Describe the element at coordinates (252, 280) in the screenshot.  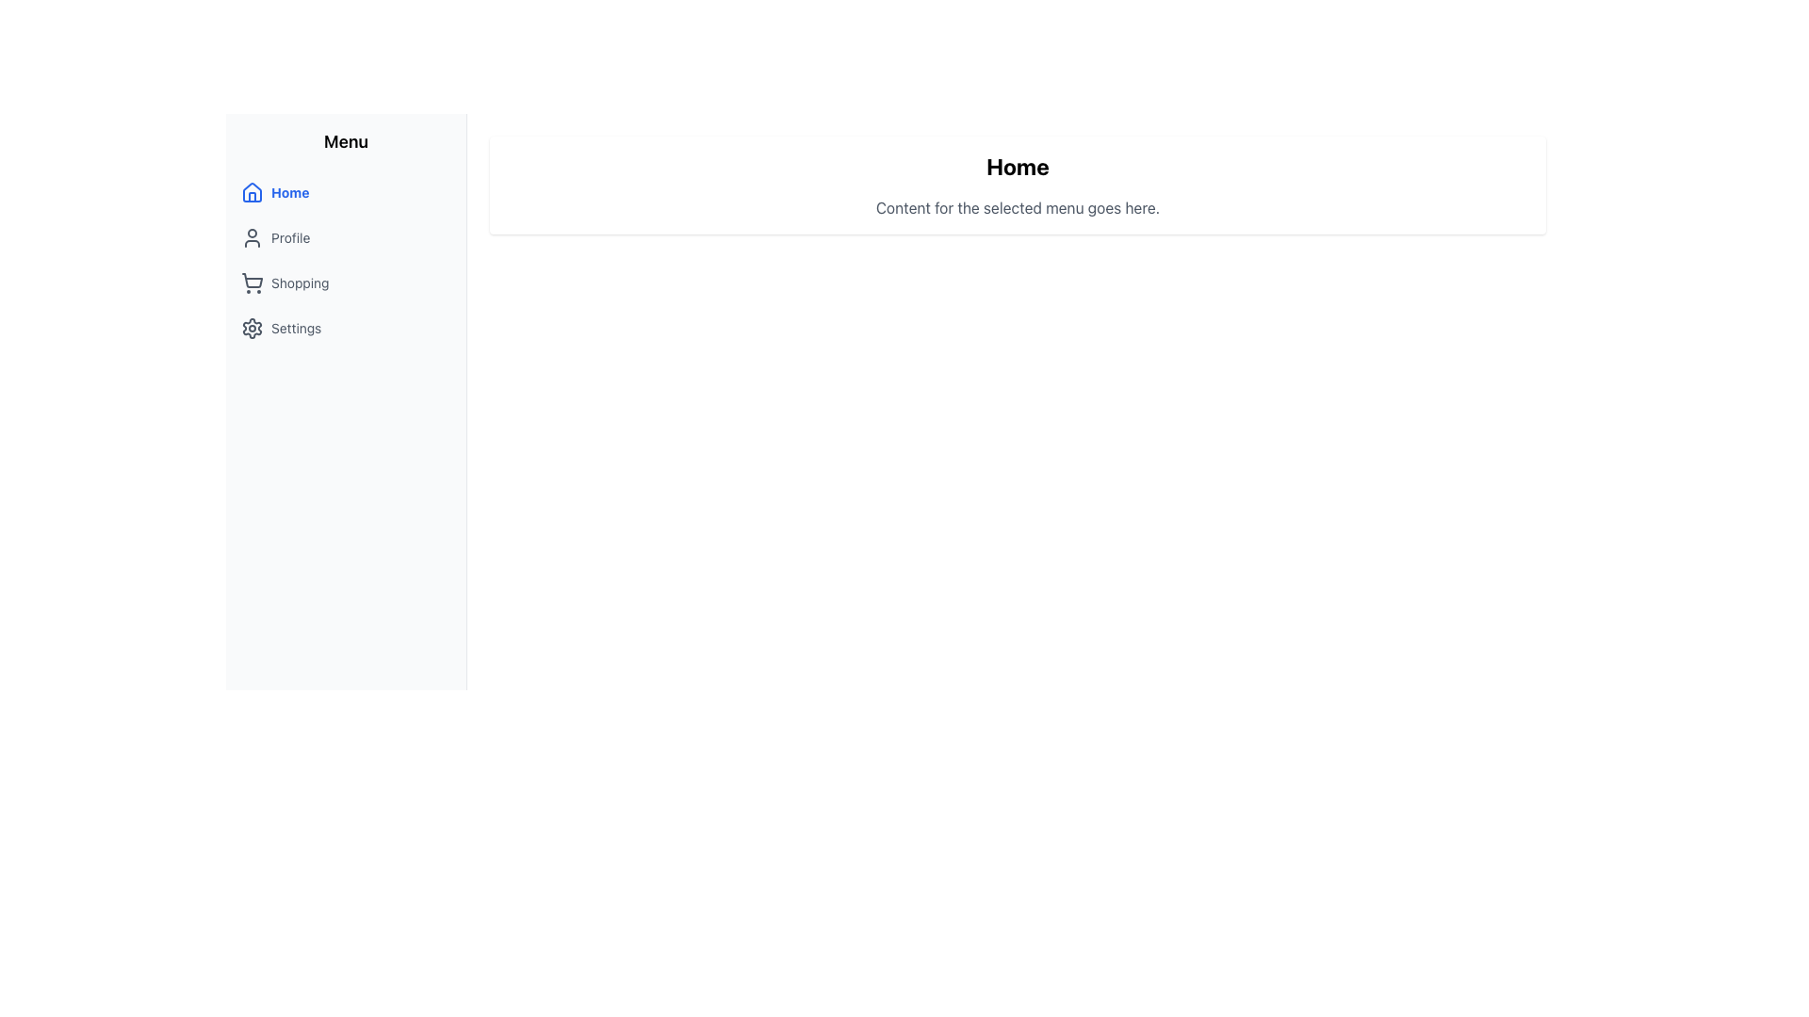
I see `the shopping cart icon located in the sidebar menu under the 'Shopping' label to interact with the shopping feature` at that location.